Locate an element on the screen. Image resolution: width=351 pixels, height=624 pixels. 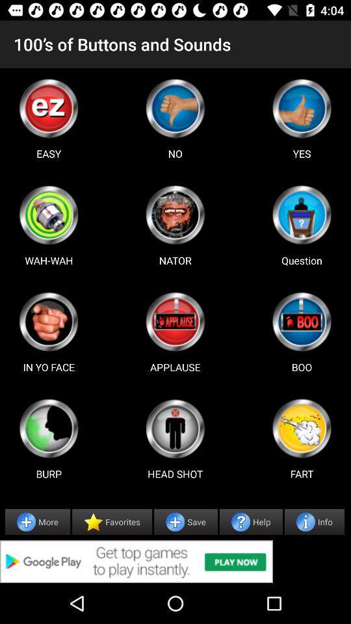
choose sound option is located at coordinates (302, 214).